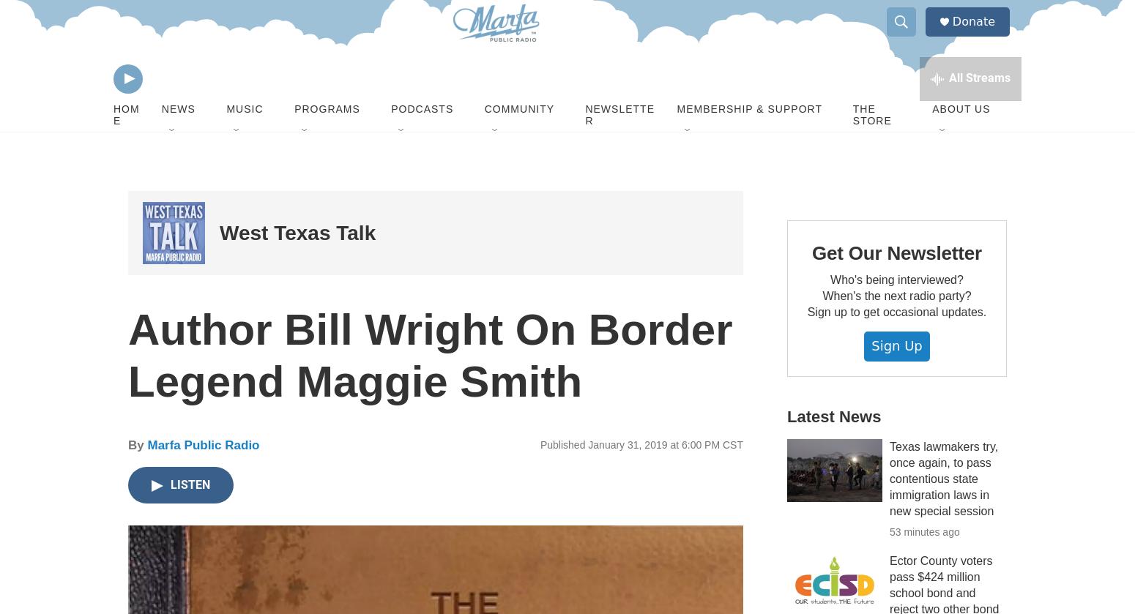 This screenshot has height=614, width=1135. What do you see at coordinates (234, 120) in the screenshot?
I see `'Marketplace'` at bounding box center [234, 120].